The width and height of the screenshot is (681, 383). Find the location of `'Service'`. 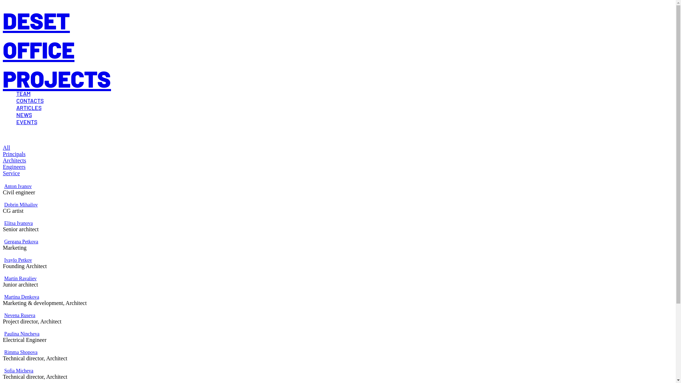

'Service' is located at coordinates (11, 173).